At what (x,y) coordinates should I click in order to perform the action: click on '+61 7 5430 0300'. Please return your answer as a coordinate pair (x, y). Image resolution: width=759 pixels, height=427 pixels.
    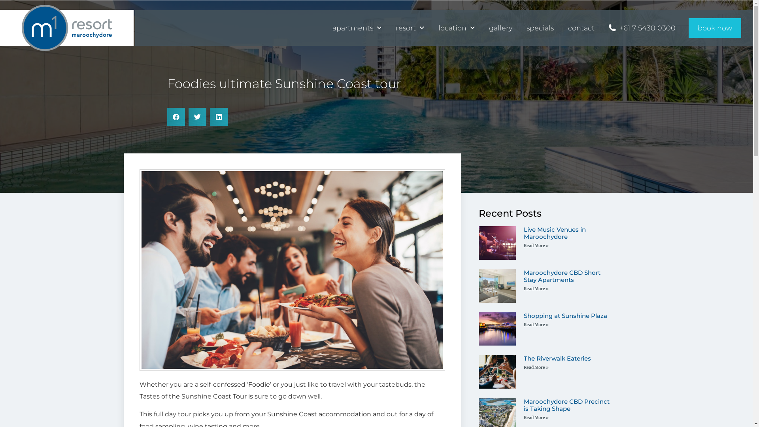
    Looking at the image, I should click on (642, 27).